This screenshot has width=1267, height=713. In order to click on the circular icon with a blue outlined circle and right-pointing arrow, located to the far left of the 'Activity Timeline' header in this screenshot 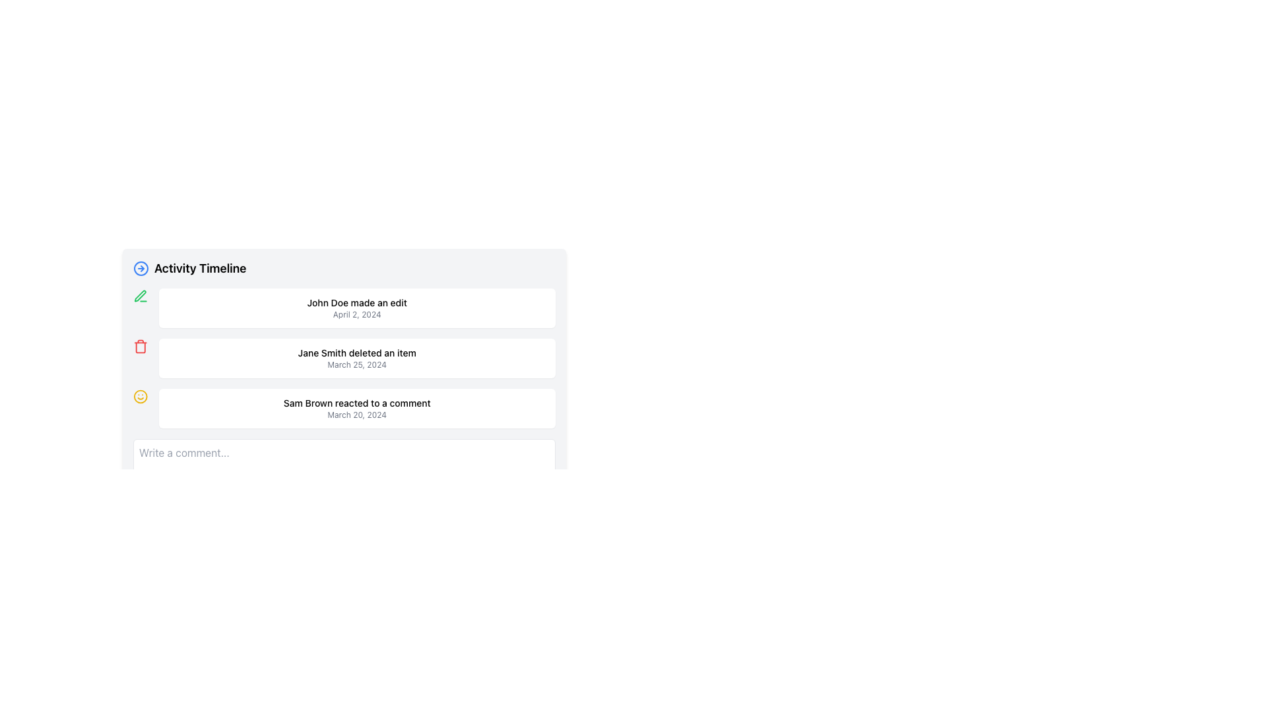, I will do `click(141, 268)`.